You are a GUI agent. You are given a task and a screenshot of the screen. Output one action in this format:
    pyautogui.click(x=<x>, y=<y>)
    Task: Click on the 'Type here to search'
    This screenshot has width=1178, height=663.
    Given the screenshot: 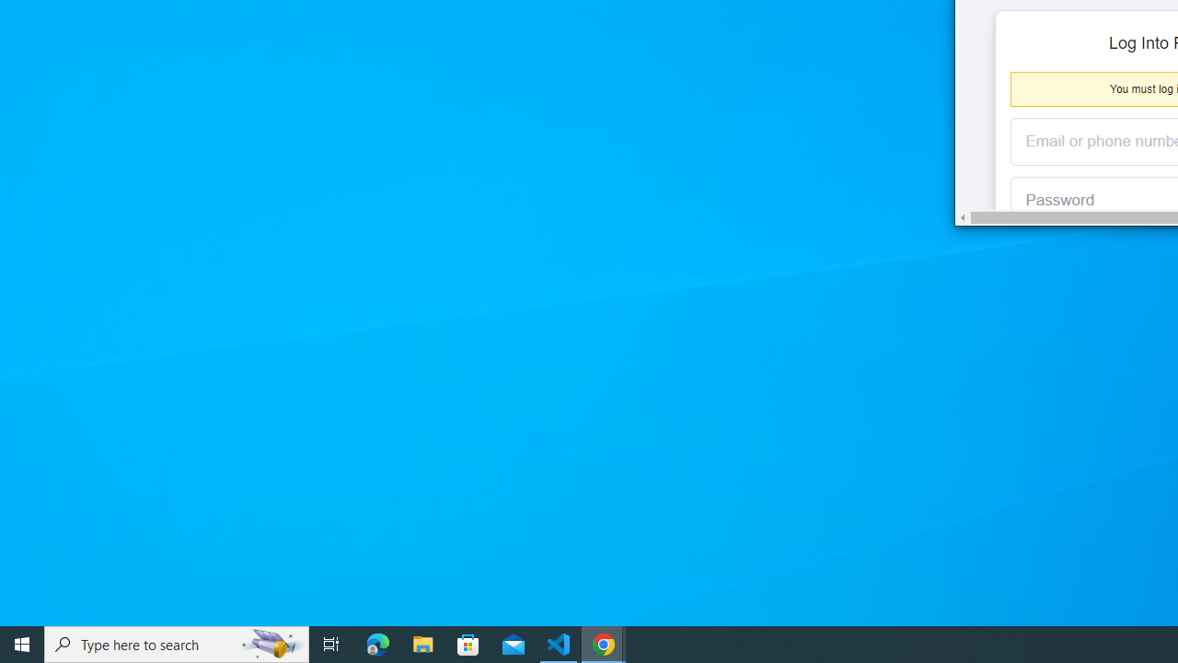 What is the action you would take?
    pyautogui.click(x=177, y=643)
    